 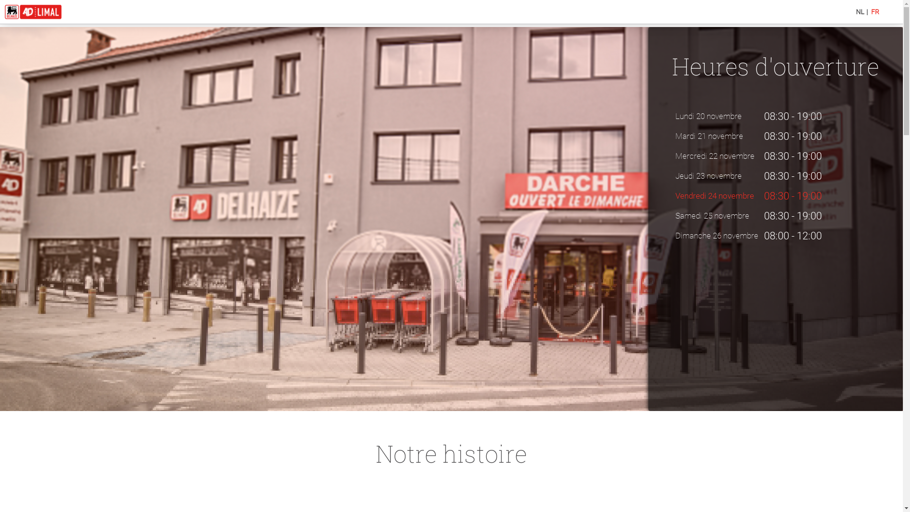 I want to click on 'FR', so click(x=870, y=11).